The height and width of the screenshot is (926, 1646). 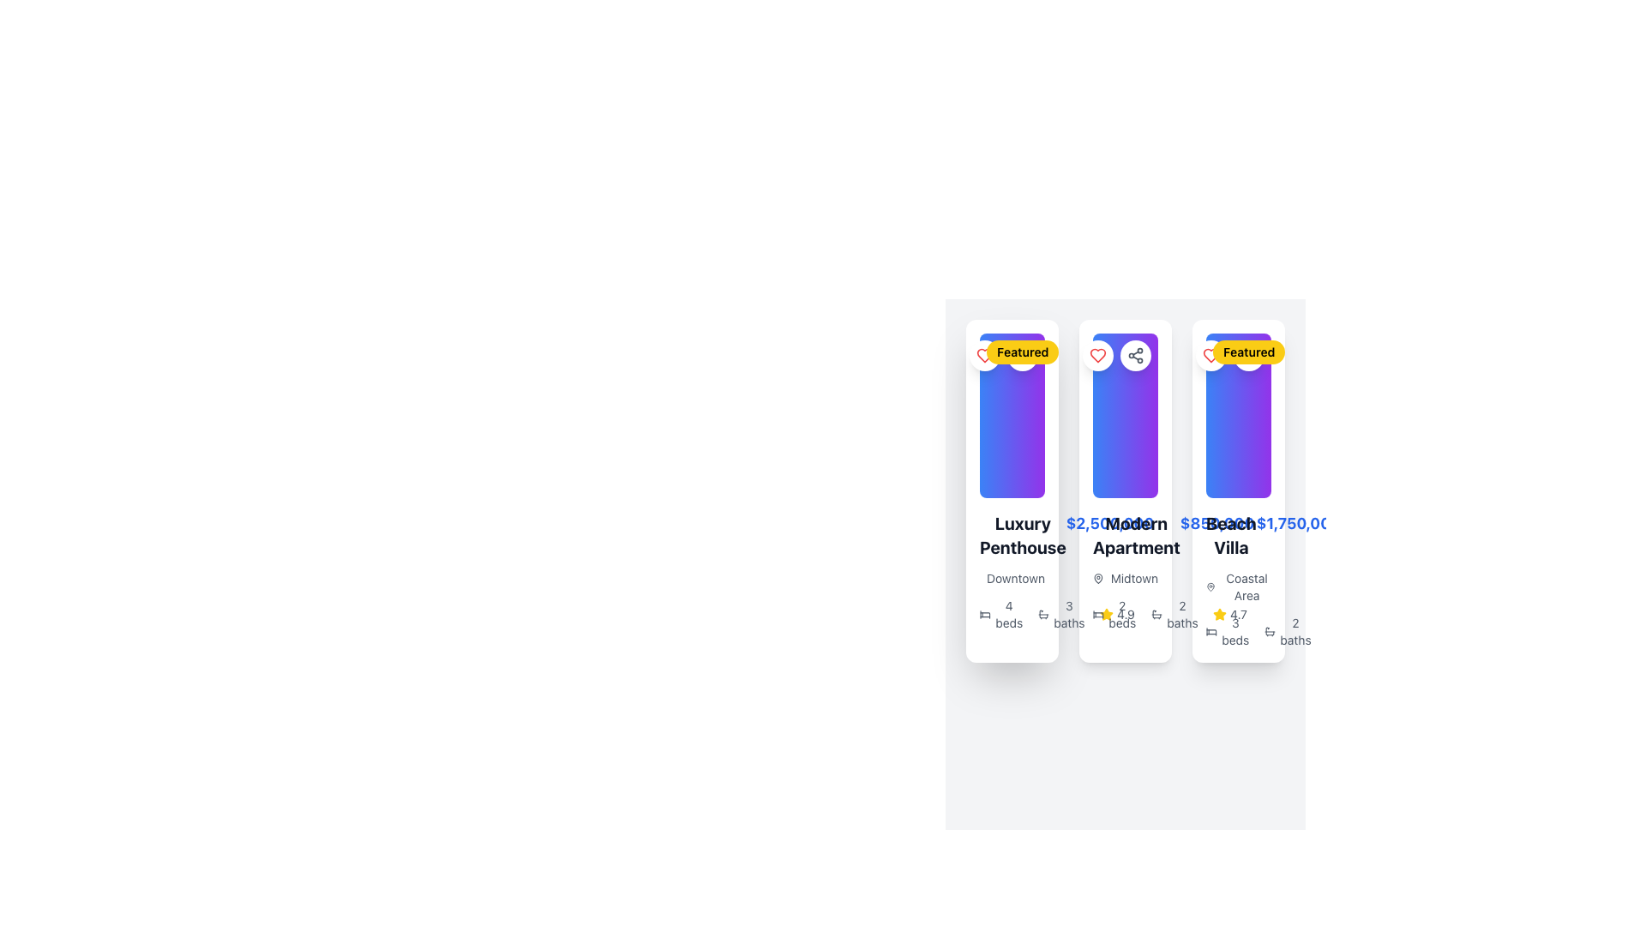 I want to click on the small white circular button with a shadow effect that represents the share functionality, so click(x=1135, y=355).